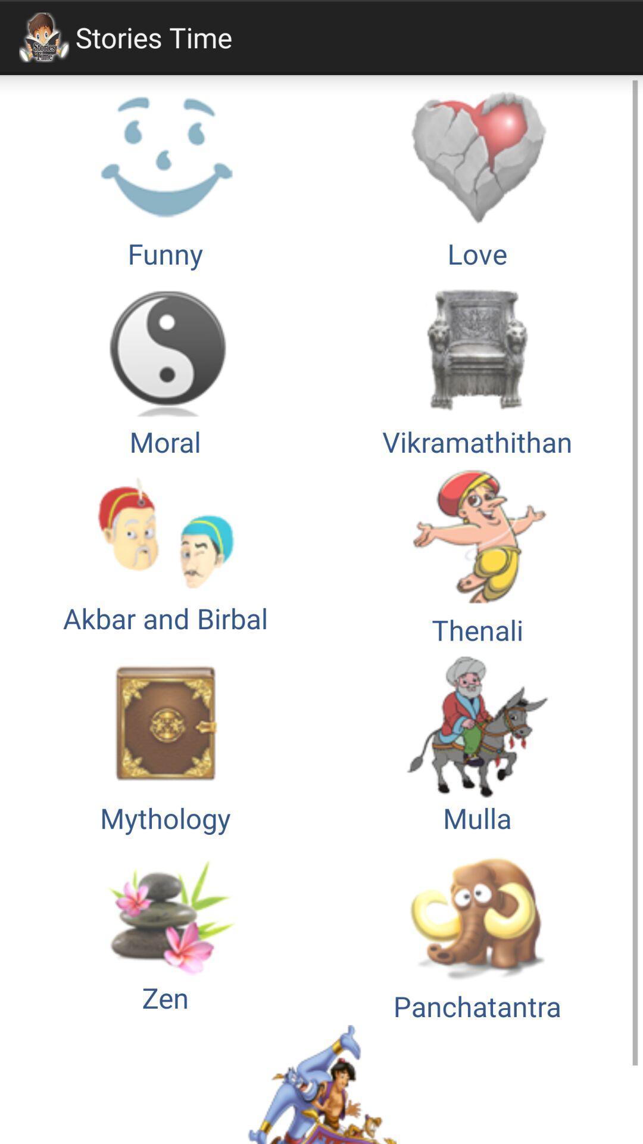 This screenshot has width=643, height=1144. What do you see at coordinates (477, 742) in the screenshot?
I see `mulla button` at bounding box center [477, 742].